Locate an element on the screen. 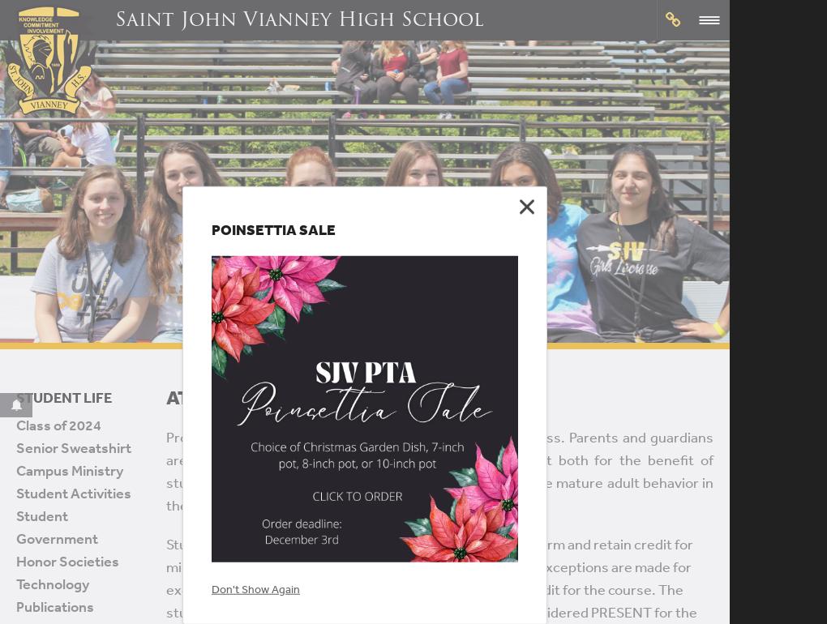 Image resolution: width=827 pixels, height=624 pixels. 'Alumni' is located at coordinates (371, 395).